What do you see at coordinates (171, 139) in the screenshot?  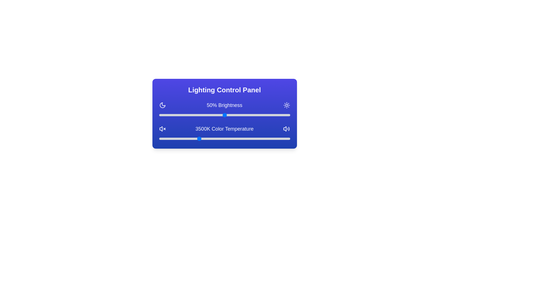 I see `the color temperature slider to 2470 K` at bounding box center [171, 139].